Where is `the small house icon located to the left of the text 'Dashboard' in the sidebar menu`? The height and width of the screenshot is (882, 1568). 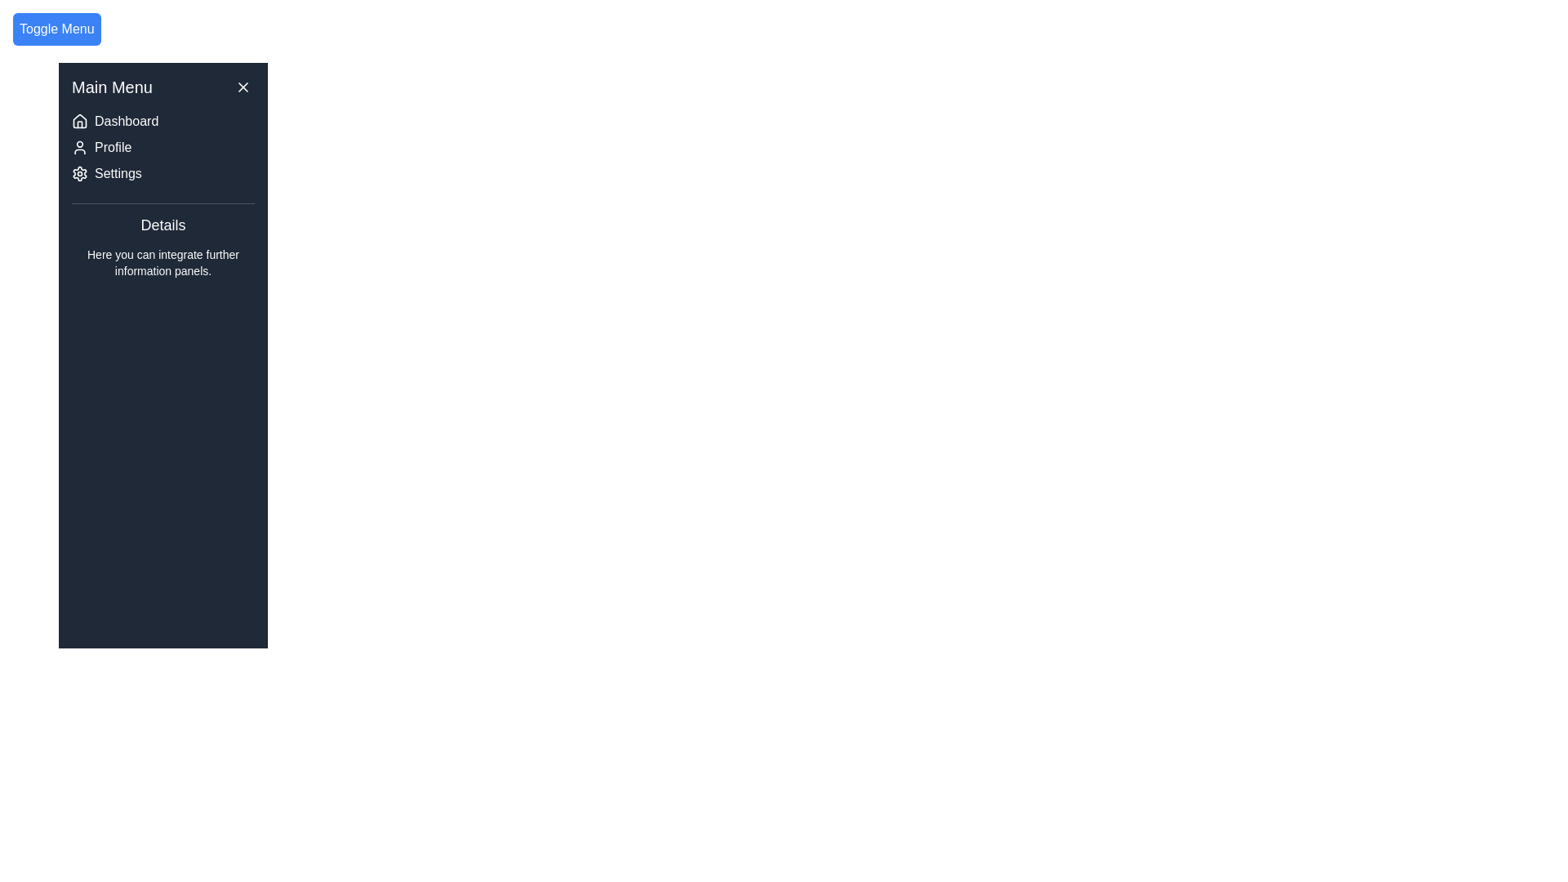 the small house icon located to the left of the text 'Dashboard' in the sidebar menu is located at coordinates (78, 121).